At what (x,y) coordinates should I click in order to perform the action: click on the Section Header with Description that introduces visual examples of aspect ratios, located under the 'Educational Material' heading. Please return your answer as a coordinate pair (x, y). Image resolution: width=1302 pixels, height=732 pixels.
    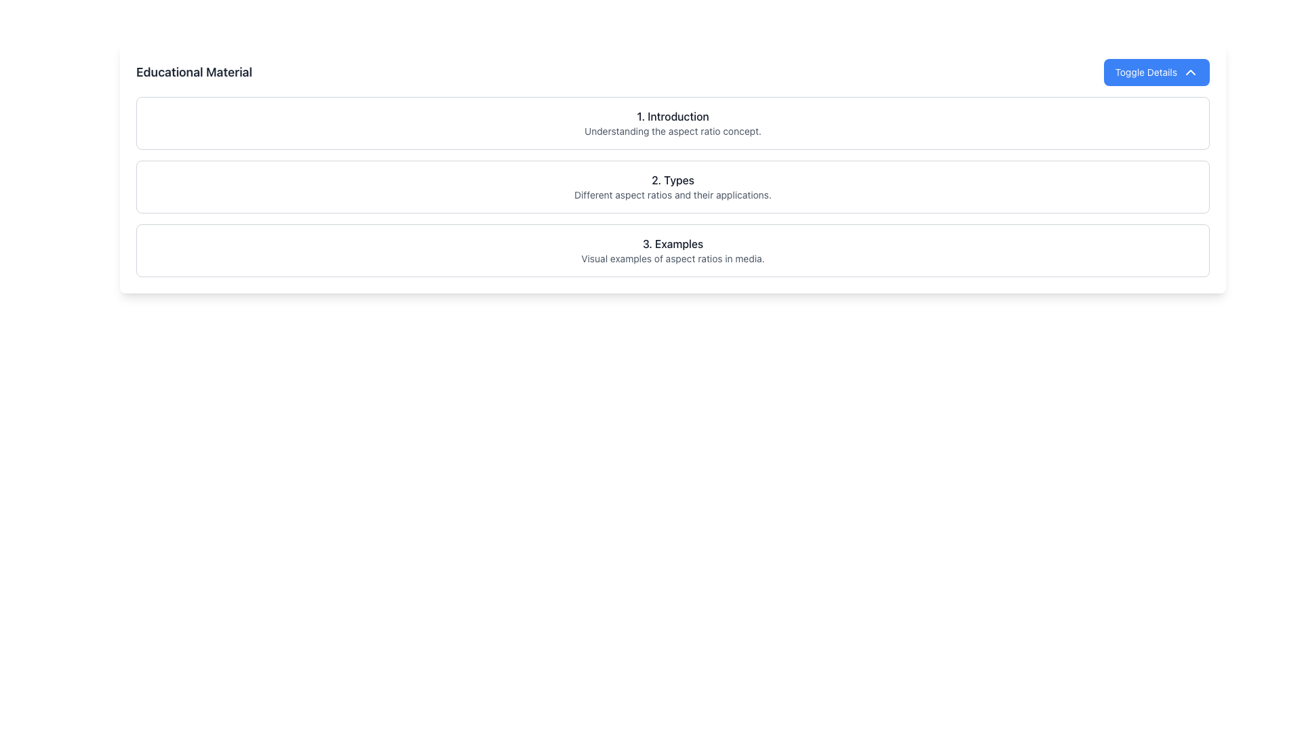
    Looking at the image, I should click on (673, 251).